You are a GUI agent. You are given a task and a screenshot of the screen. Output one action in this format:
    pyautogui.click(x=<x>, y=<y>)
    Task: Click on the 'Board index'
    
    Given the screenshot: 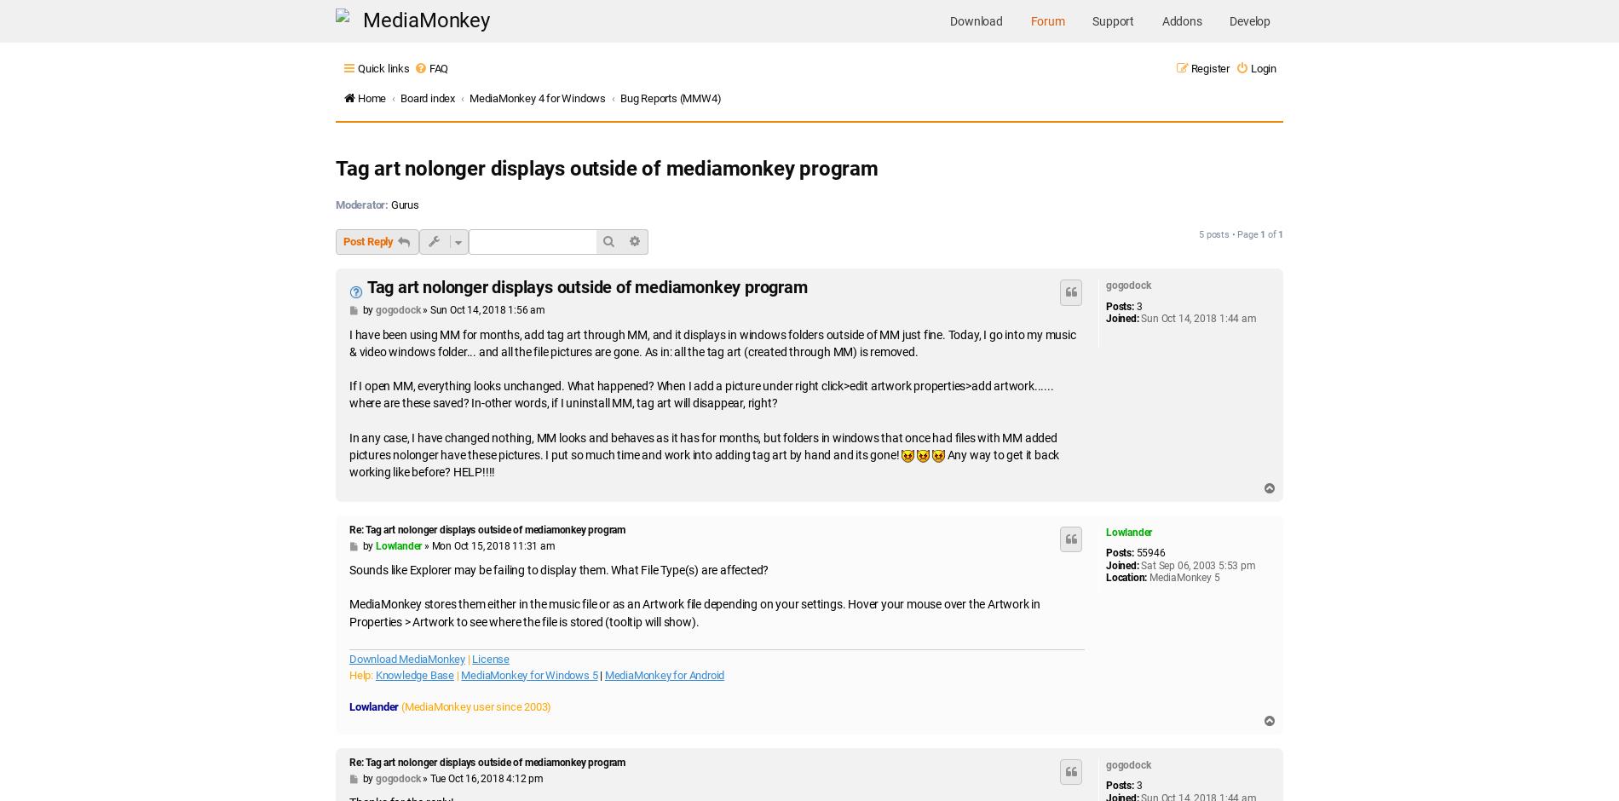 What is the action you would take?
    pyautogui.click(x=400, y=98)
    